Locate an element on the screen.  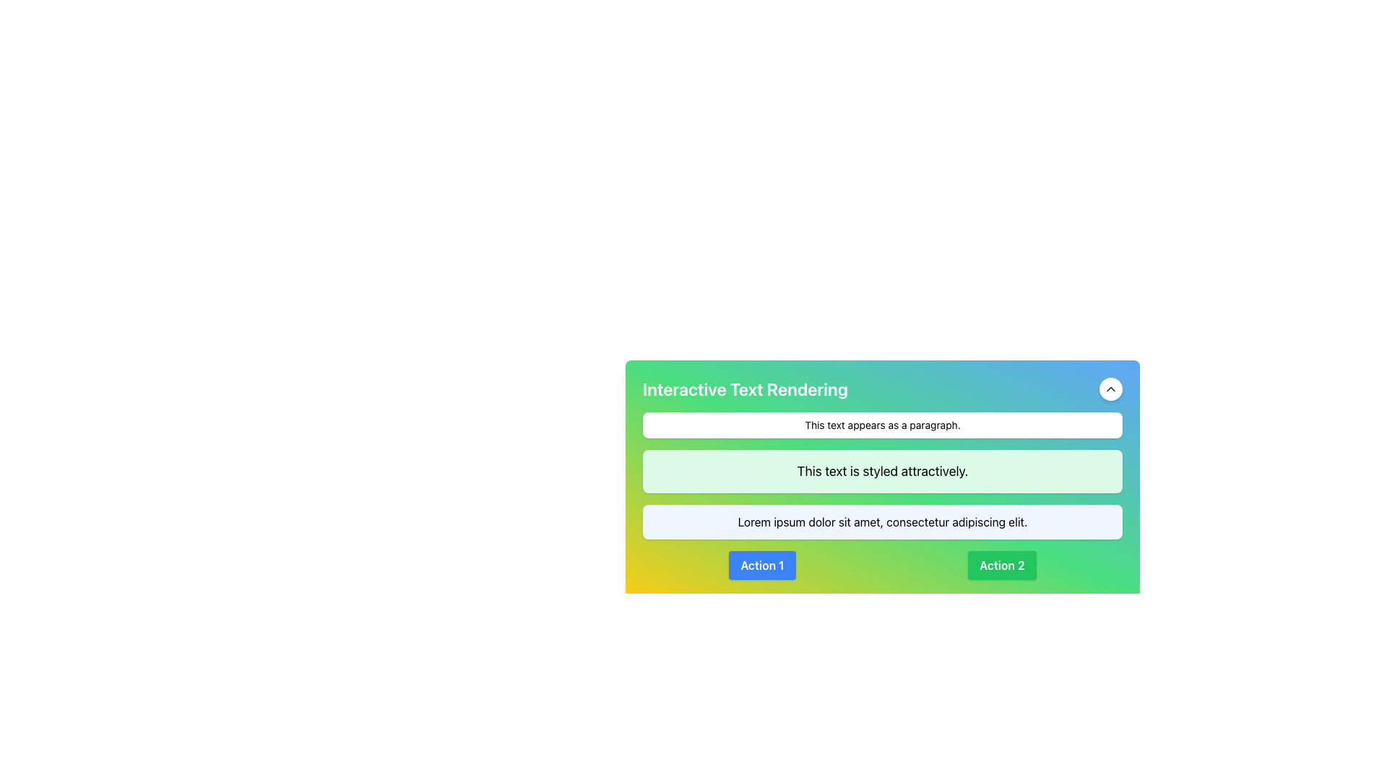
the blue button with white text reading 'Action 1' to observe the color change effect is located at coordinates (761, 565).